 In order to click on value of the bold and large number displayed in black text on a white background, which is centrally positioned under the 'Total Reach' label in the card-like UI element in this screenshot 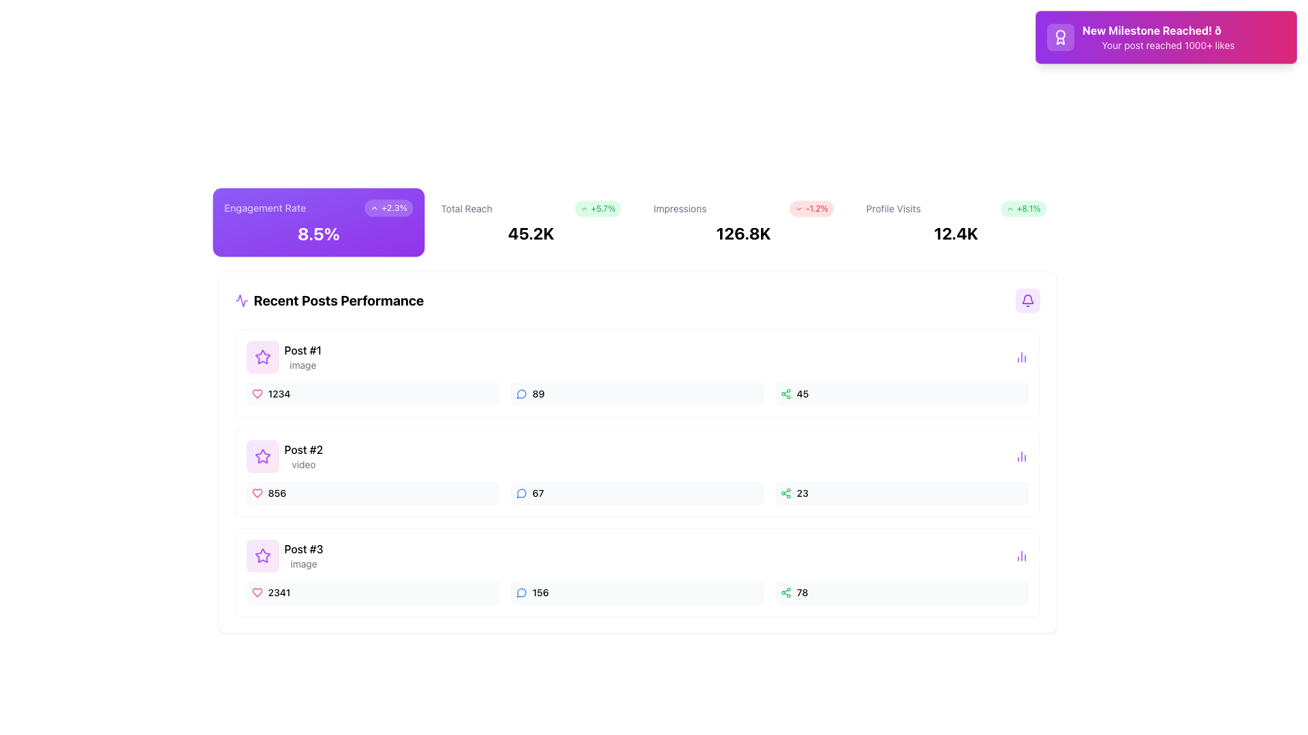, I will do `click(530, 233)`.